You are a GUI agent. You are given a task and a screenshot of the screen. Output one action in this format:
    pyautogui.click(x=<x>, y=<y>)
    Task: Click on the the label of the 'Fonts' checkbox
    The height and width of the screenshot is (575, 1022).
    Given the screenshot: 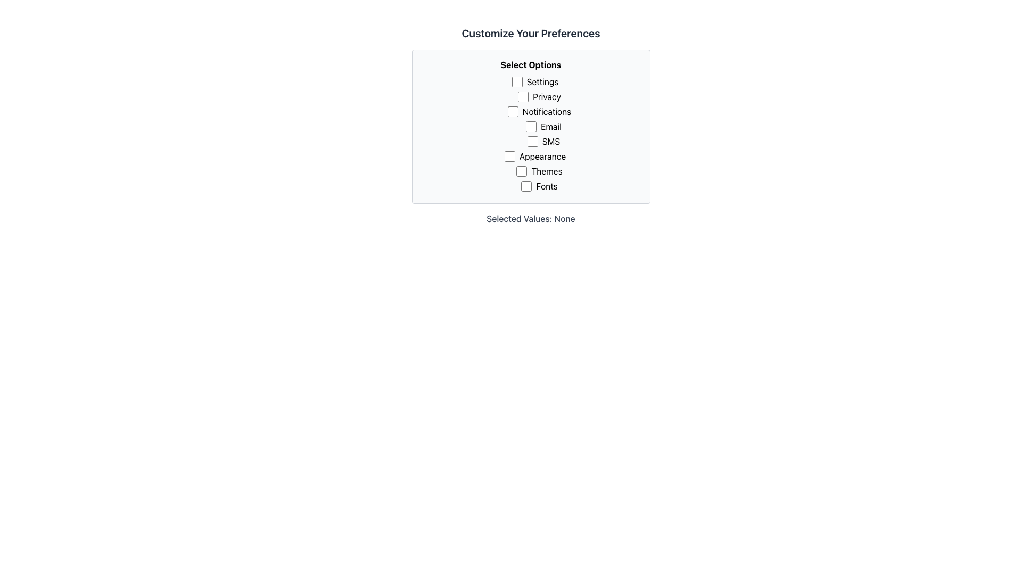 What is the action you would take?
    pyautogui.click(x=539, y=186)
    